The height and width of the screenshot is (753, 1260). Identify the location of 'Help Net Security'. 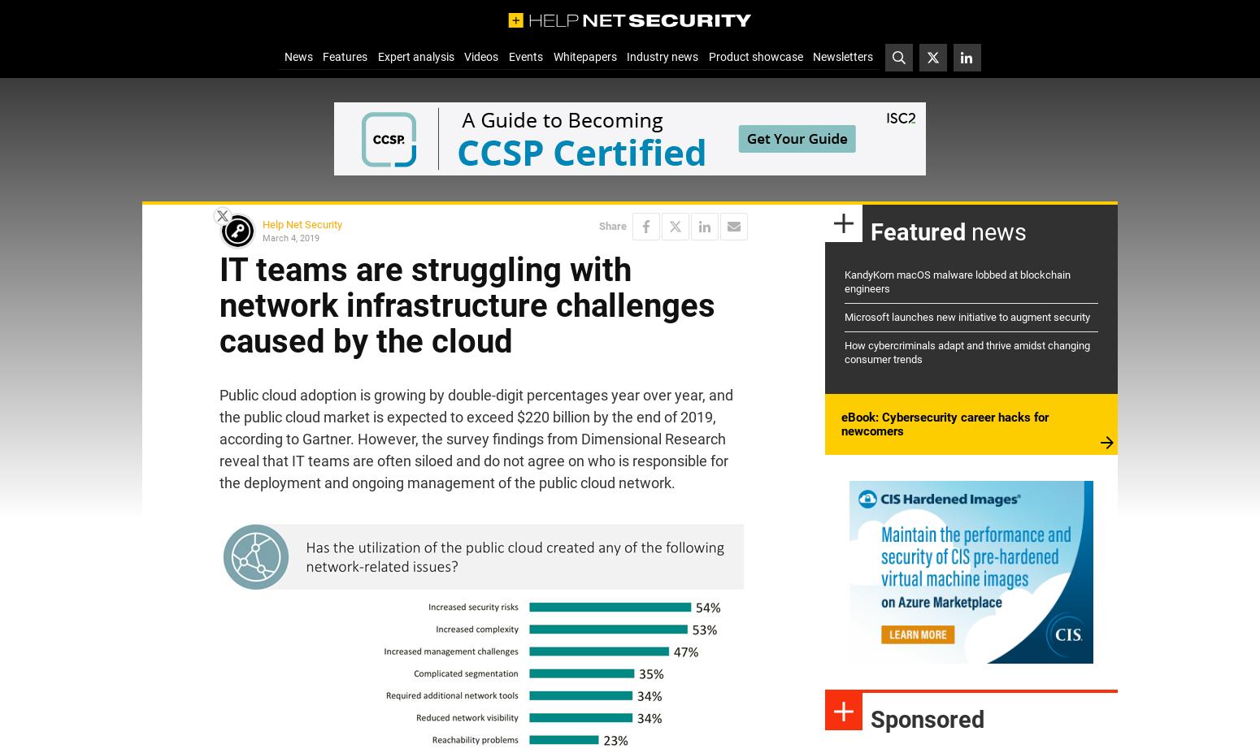
(262, 224).